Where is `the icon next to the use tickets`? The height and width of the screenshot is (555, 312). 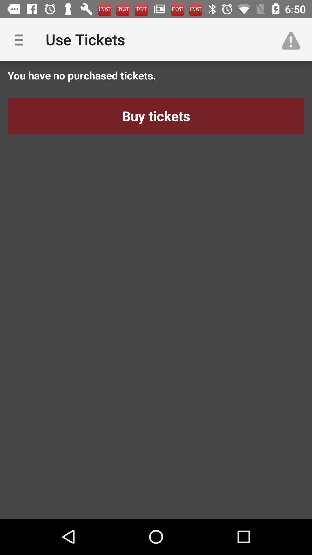 the icon next to the use tickets is located at coordinates (21, 39).